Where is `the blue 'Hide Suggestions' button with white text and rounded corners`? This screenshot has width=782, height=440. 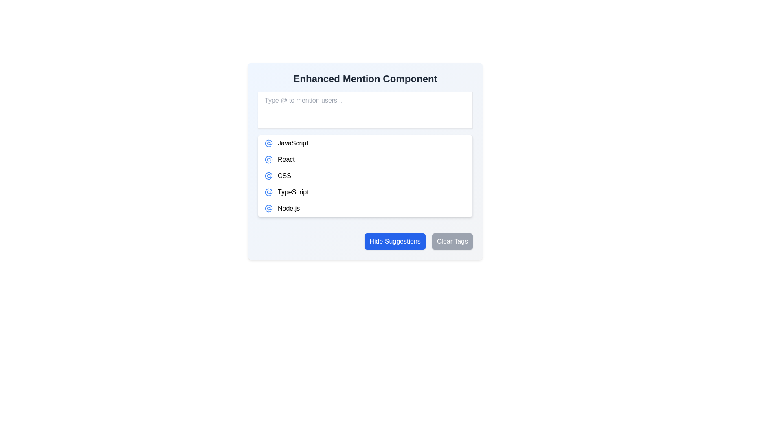
the blue 'Hide Suggestions' button with white text and rounded corners is located at coordinates (395, 241).